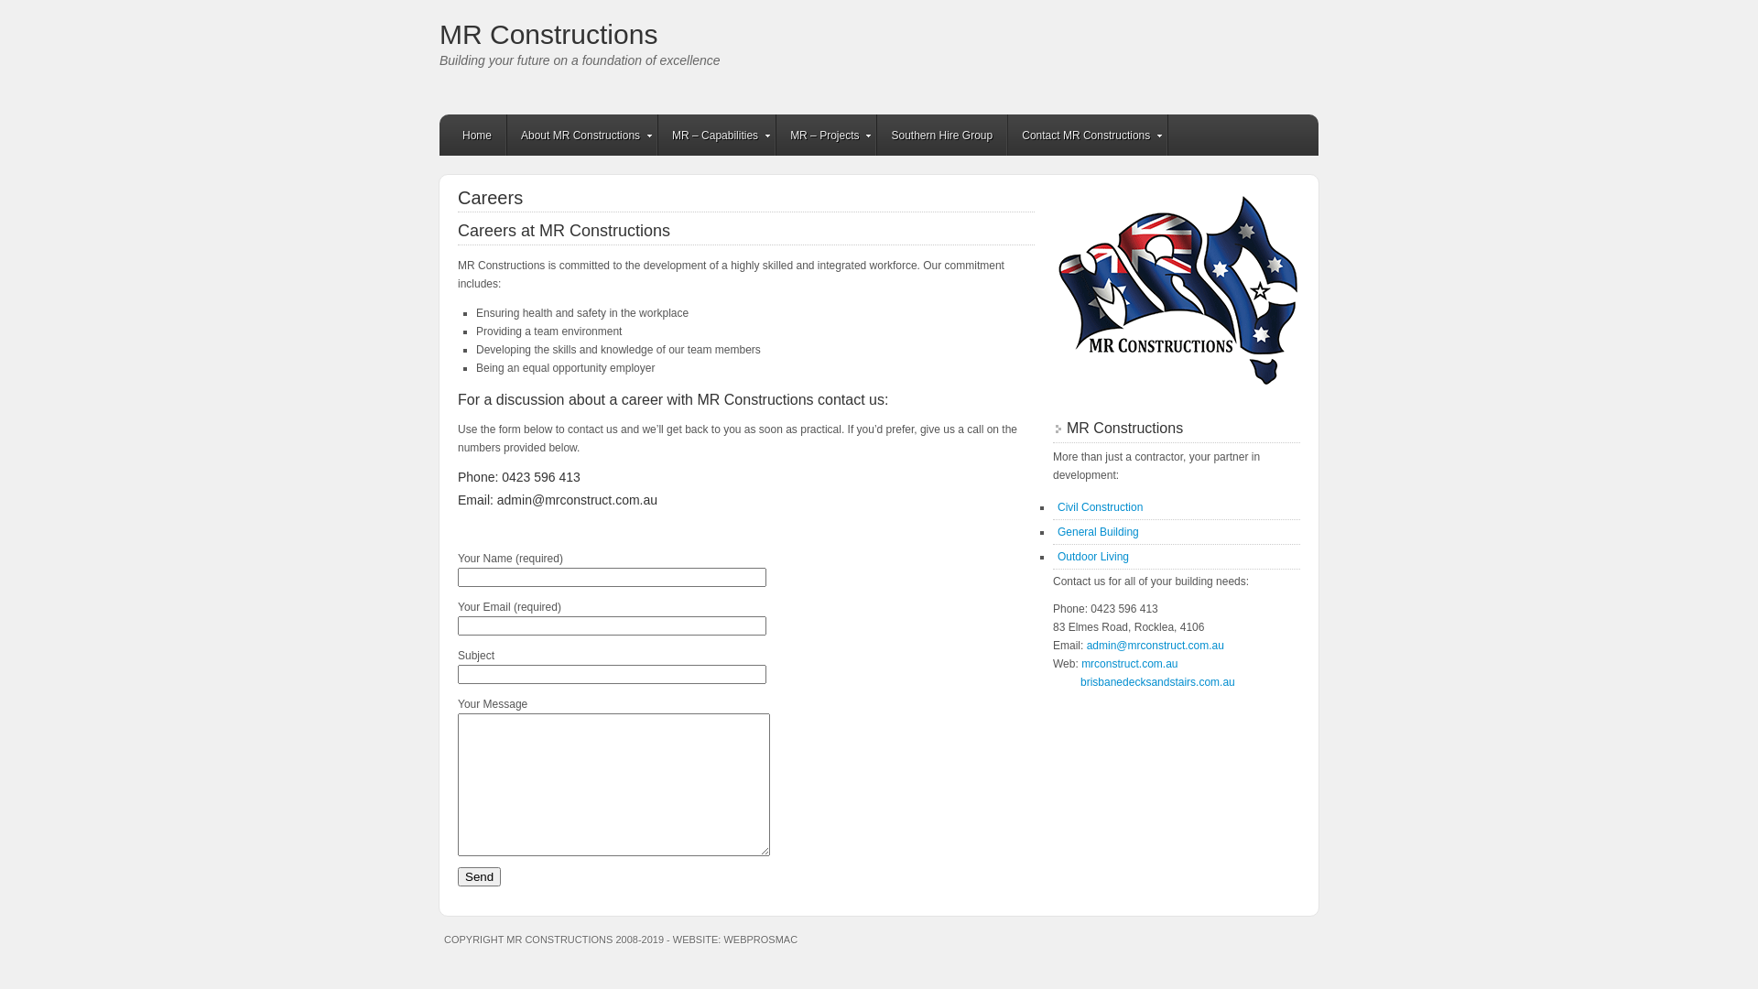 The height and width of the screenshot is (989, 1758). I want to click on 'admin@mrconstruct.com.au', so click(1155, 645).